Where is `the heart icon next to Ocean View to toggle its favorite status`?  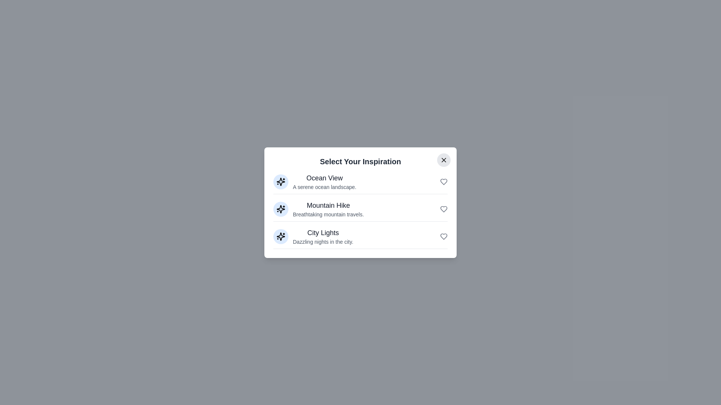 the heart icon next to Ocean View to toggle its favorite status is located at coordinates (443, 181).